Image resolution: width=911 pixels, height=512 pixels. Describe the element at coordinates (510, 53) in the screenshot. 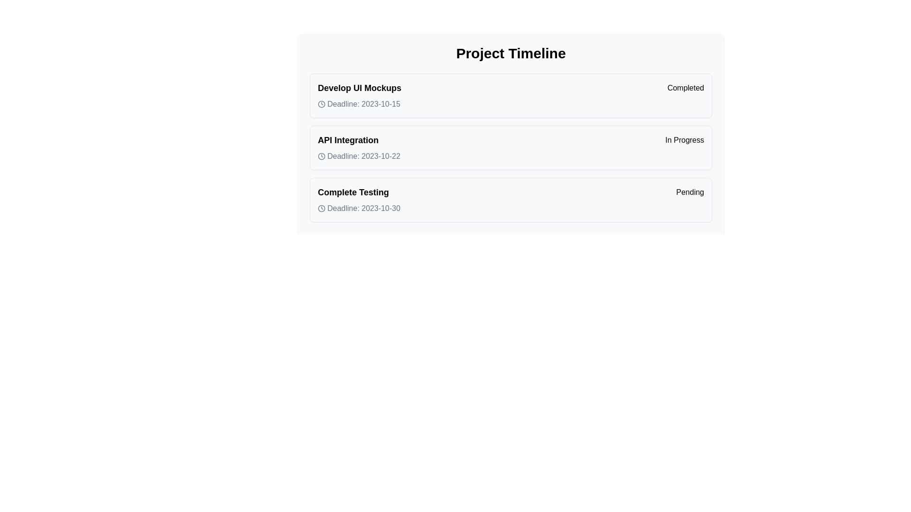

I see `the header text that describes the project's timeline for copying` at that location.